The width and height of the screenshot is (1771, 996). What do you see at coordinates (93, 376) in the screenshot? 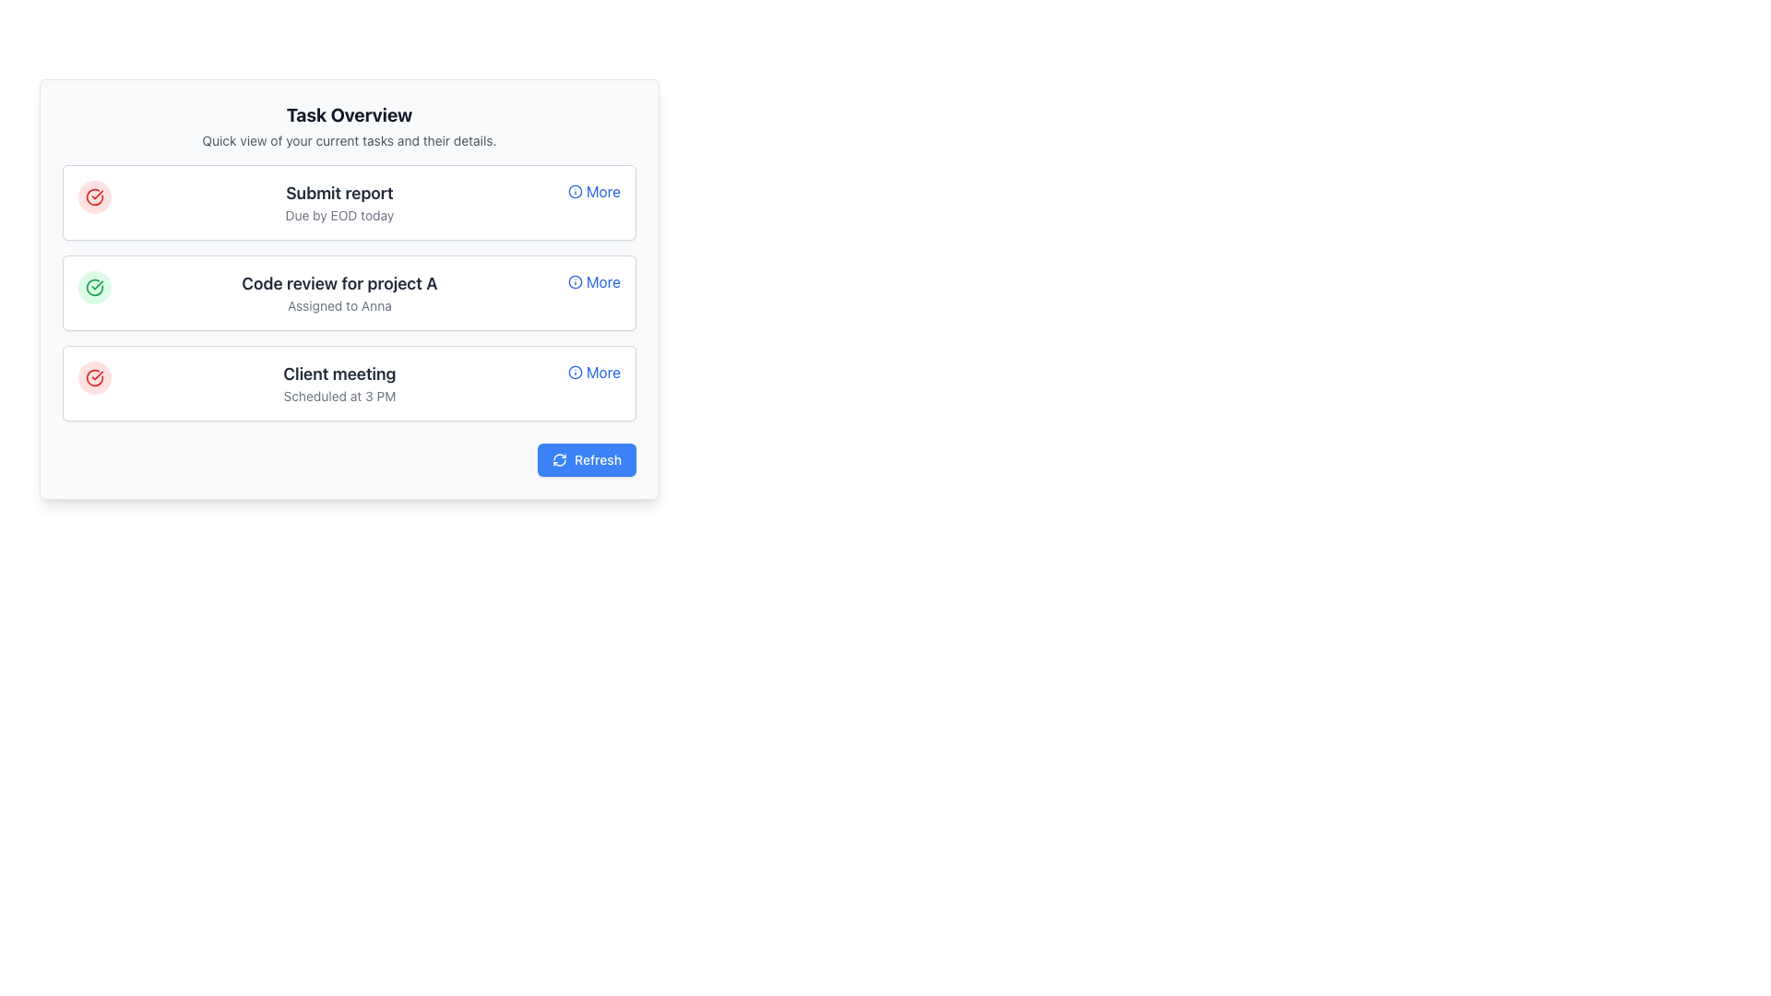
I see `the status button that indicates completion, located at the leftmost side of the group containing 'Client meeting'` at bounding box center [93, 376].